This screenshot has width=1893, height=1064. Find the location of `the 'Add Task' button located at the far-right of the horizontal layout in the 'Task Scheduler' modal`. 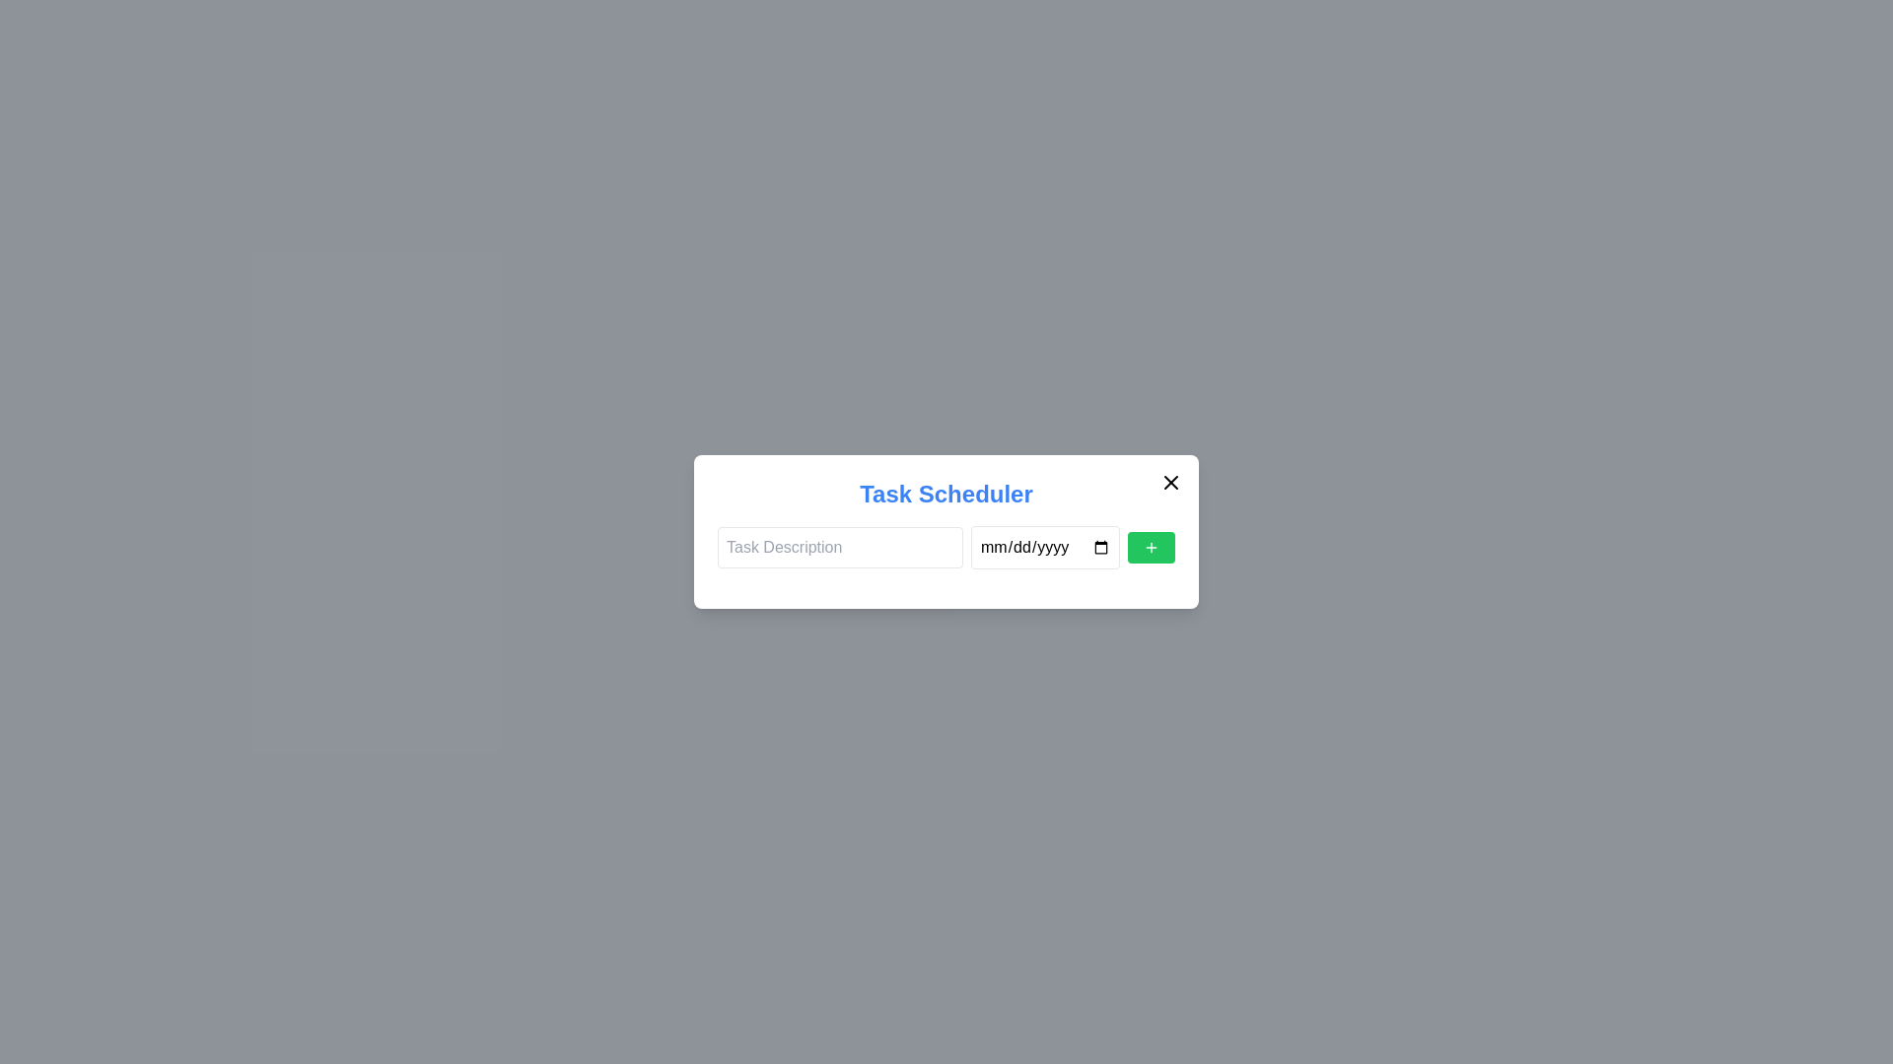

the 'Add Task' button located at the far-right of the horizontal layout in the 'Task Scheduler' modal is located at coordinates (1151, 547).